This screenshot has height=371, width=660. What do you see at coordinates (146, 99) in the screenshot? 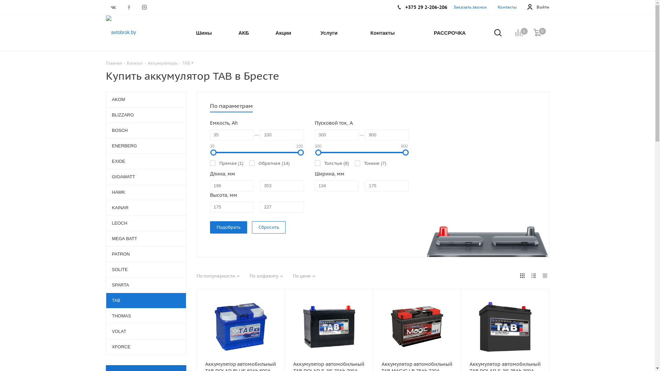
I see `'AKOM'` at bounding box center [146, 99].